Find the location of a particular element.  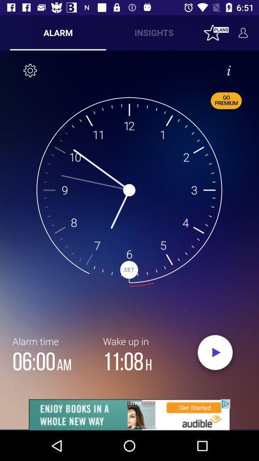

get help is located at coordinates (228, 70).